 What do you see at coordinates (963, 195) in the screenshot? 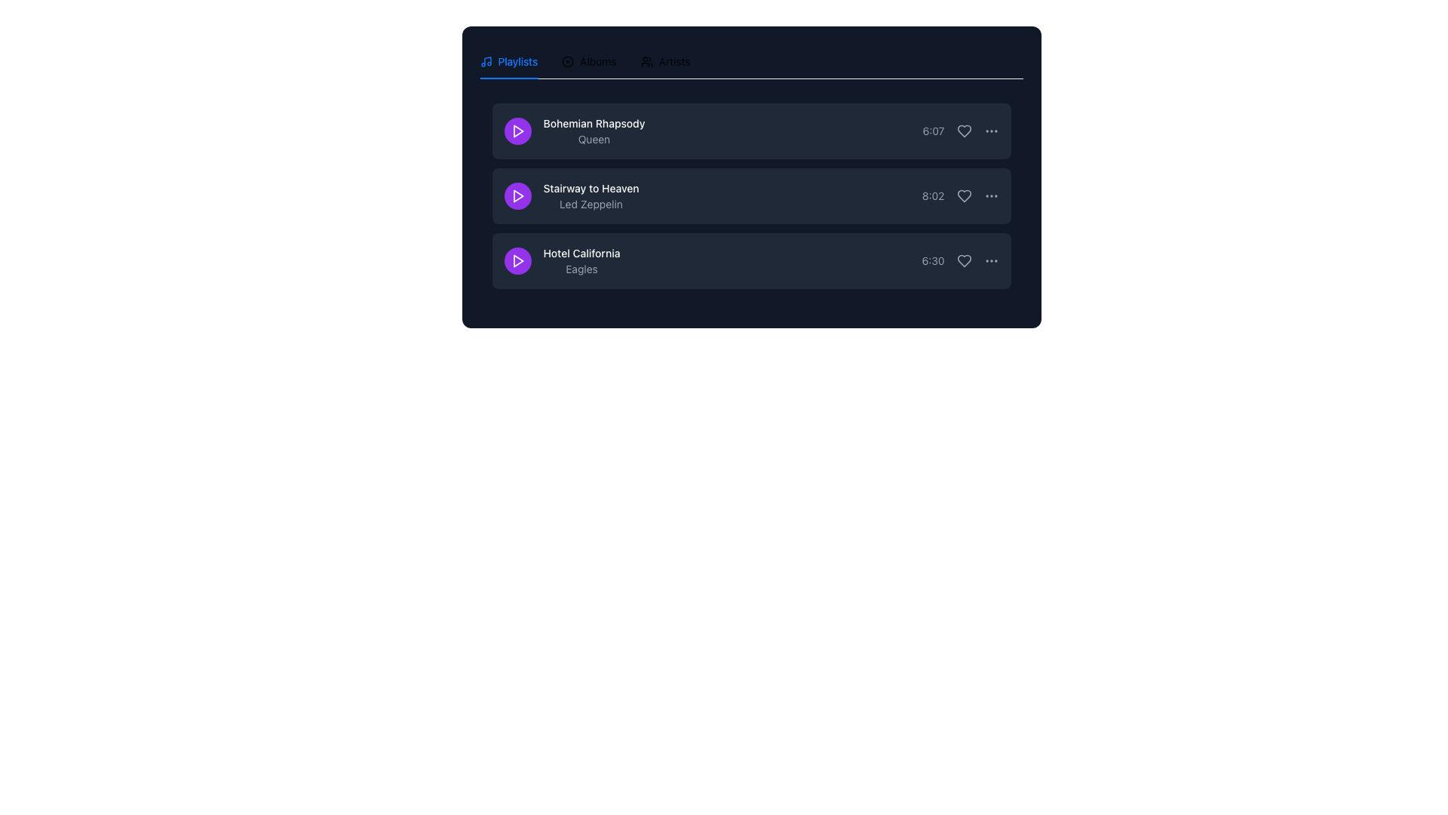
I see `the second heart icon button for liking the song 'Stairway to Heaven'` at bounding box center [963, 195].